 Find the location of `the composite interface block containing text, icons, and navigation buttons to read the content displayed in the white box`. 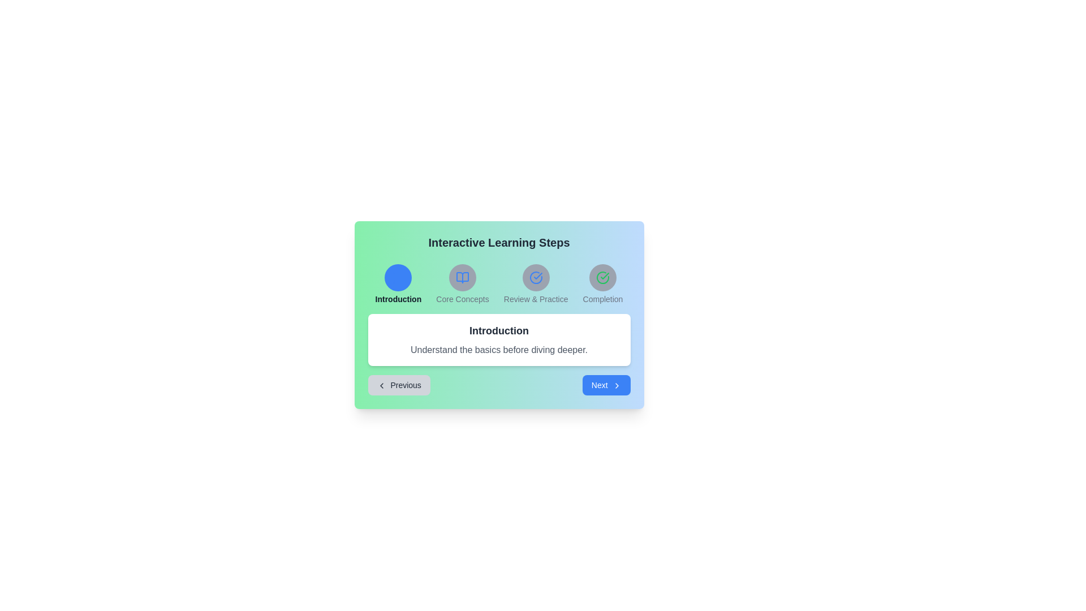

the composite interface block containing text, icons, and navigation buttons to read the content displayed in the white box is located at coordinates (498, 315).